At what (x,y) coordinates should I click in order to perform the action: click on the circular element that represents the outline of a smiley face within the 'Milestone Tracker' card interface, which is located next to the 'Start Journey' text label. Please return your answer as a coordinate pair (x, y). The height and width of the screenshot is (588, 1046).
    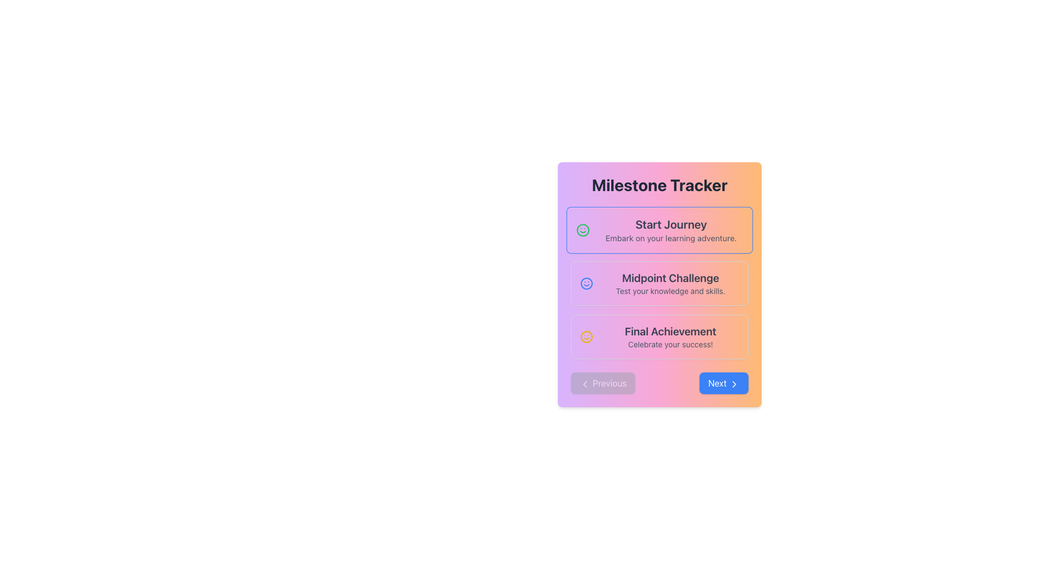
    Looking at the image, I should click on (586, 336).